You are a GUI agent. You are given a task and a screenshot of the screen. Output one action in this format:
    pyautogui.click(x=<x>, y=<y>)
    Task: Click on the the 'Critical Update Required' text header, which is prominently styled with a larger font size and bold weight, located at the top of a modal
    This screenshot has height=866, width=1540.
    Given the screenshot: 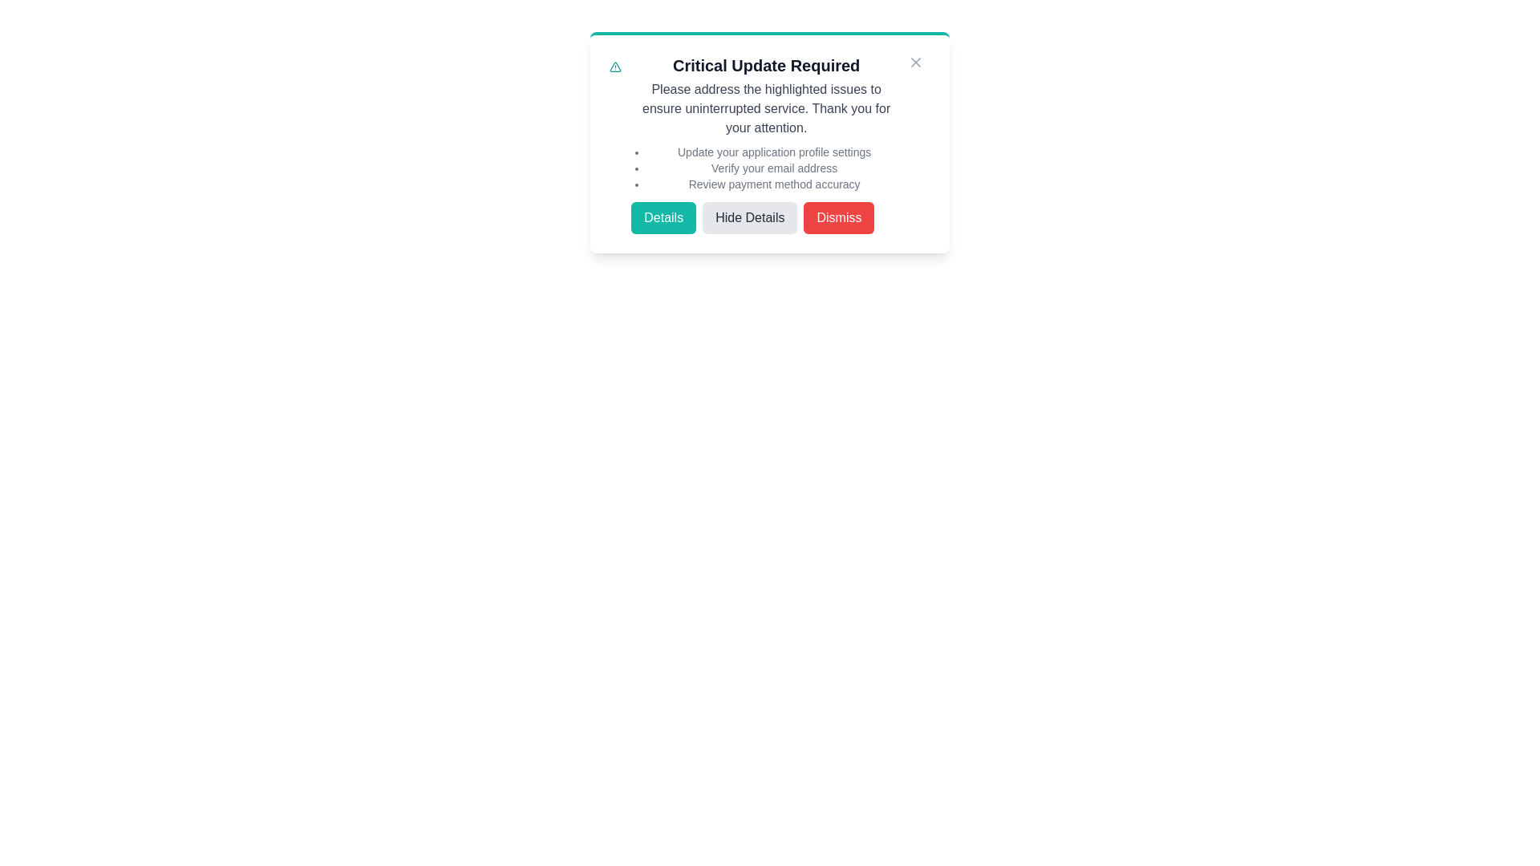 What is the action you would take?
    pyautogui.click(x=765, y=64)
    